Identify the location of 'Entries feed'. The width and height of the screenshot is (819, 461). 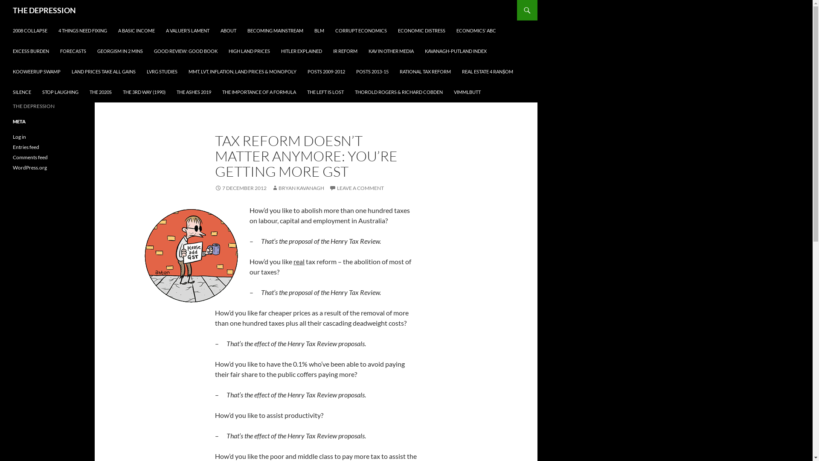
(26, 146).